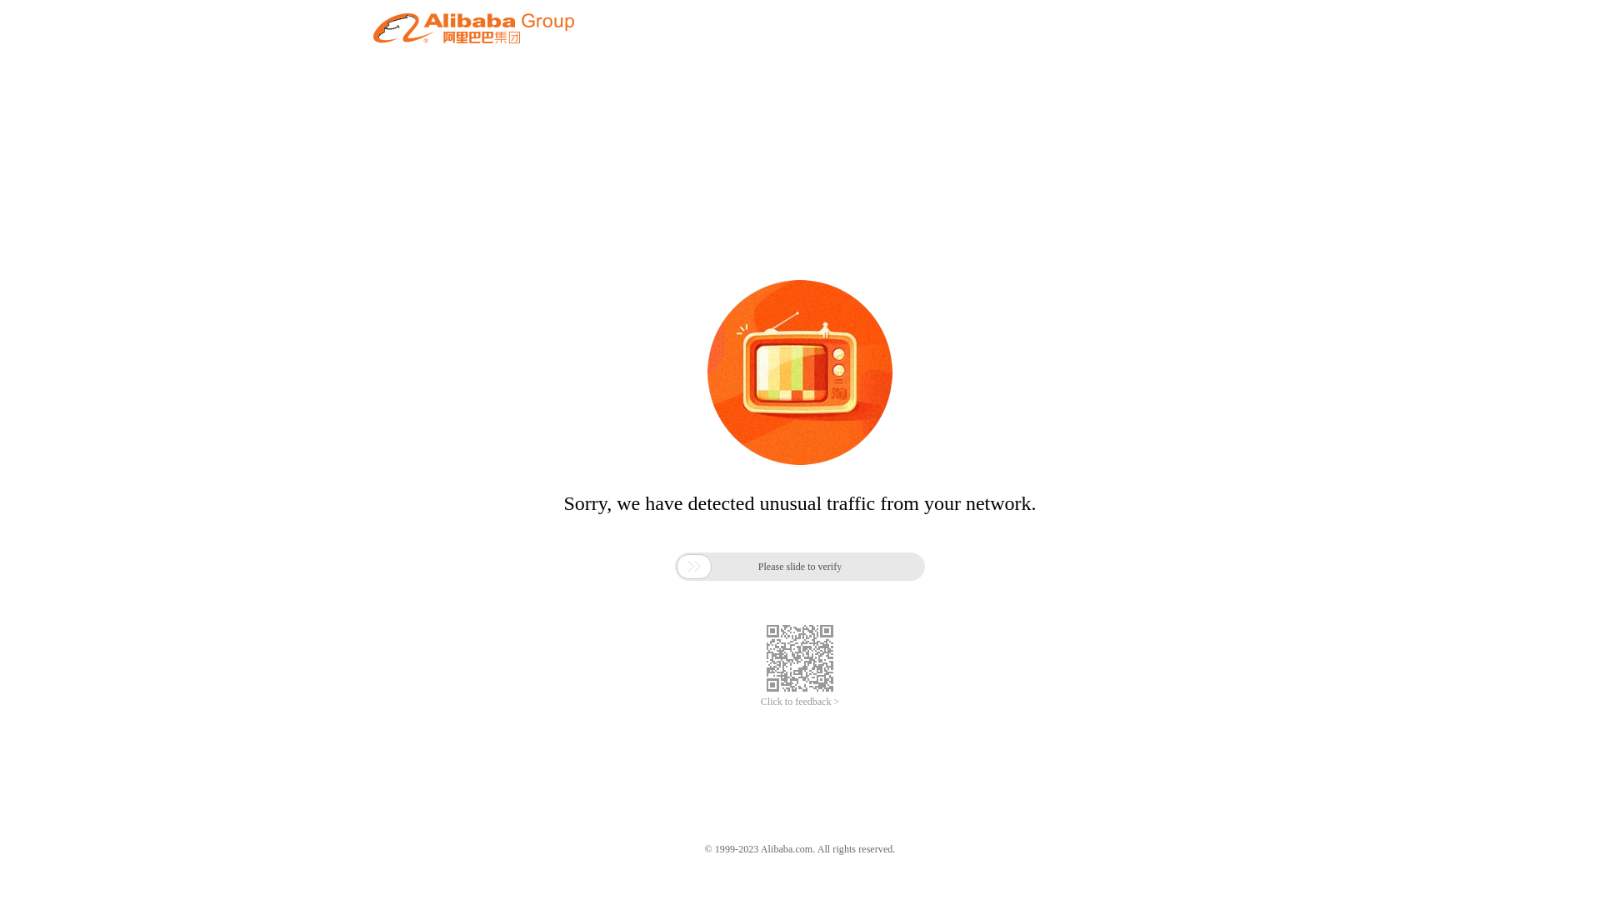 This screenshot has width=1600, height=900. I want to click on 'Click to feedback >', so click(800, 702).